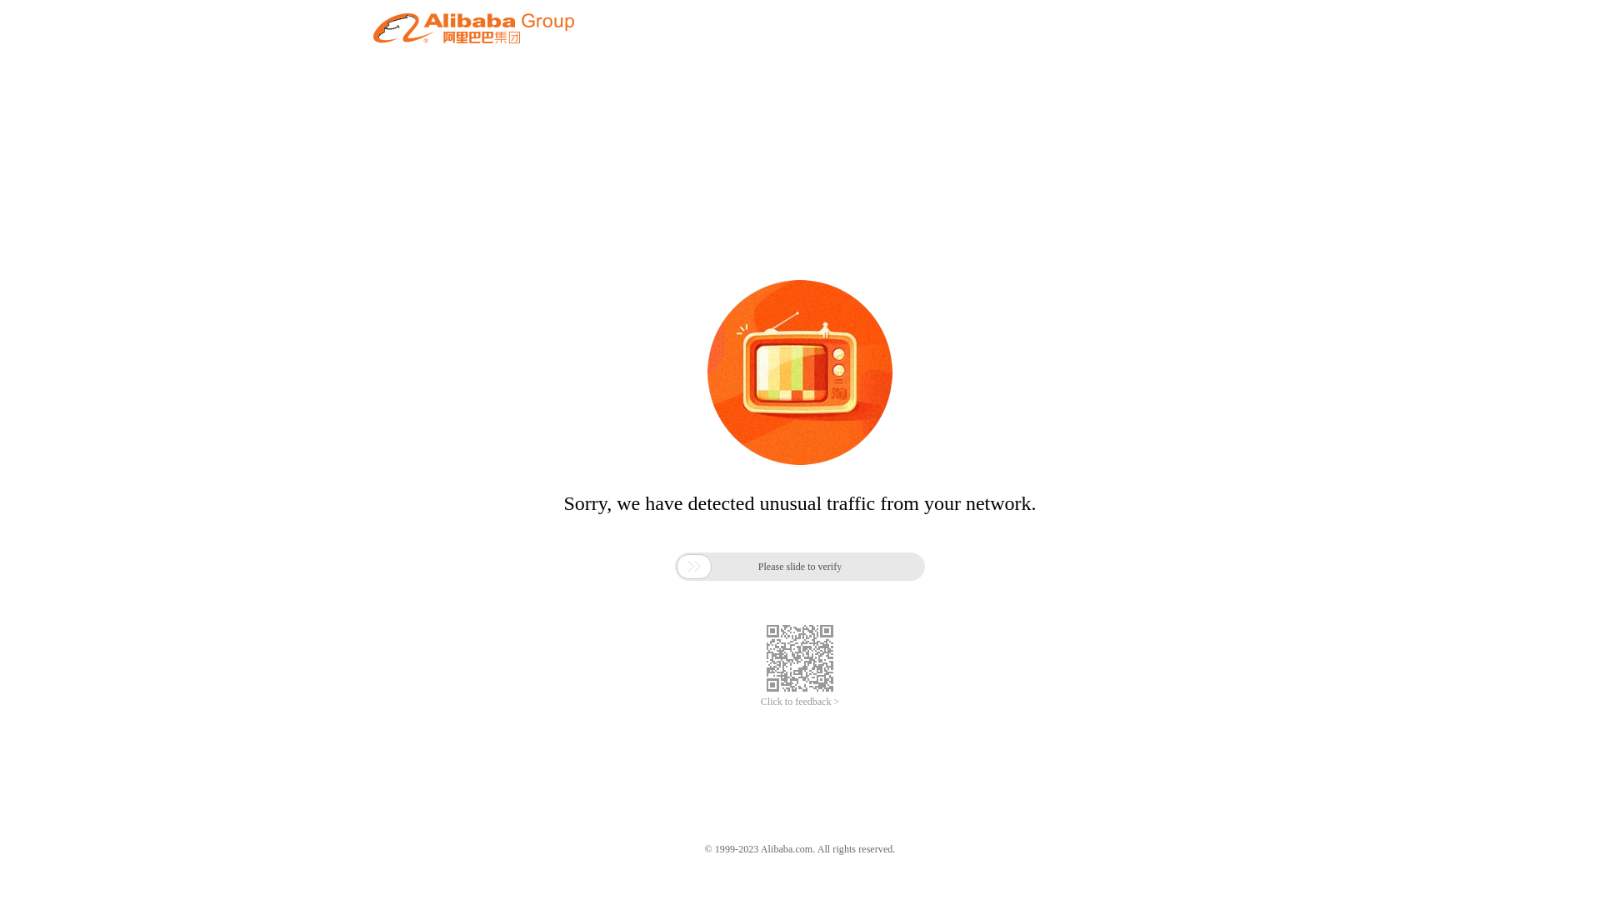 This screenshot has width=1600, height=900. I want to click on 'Click to feedback >', so click(800, 702).